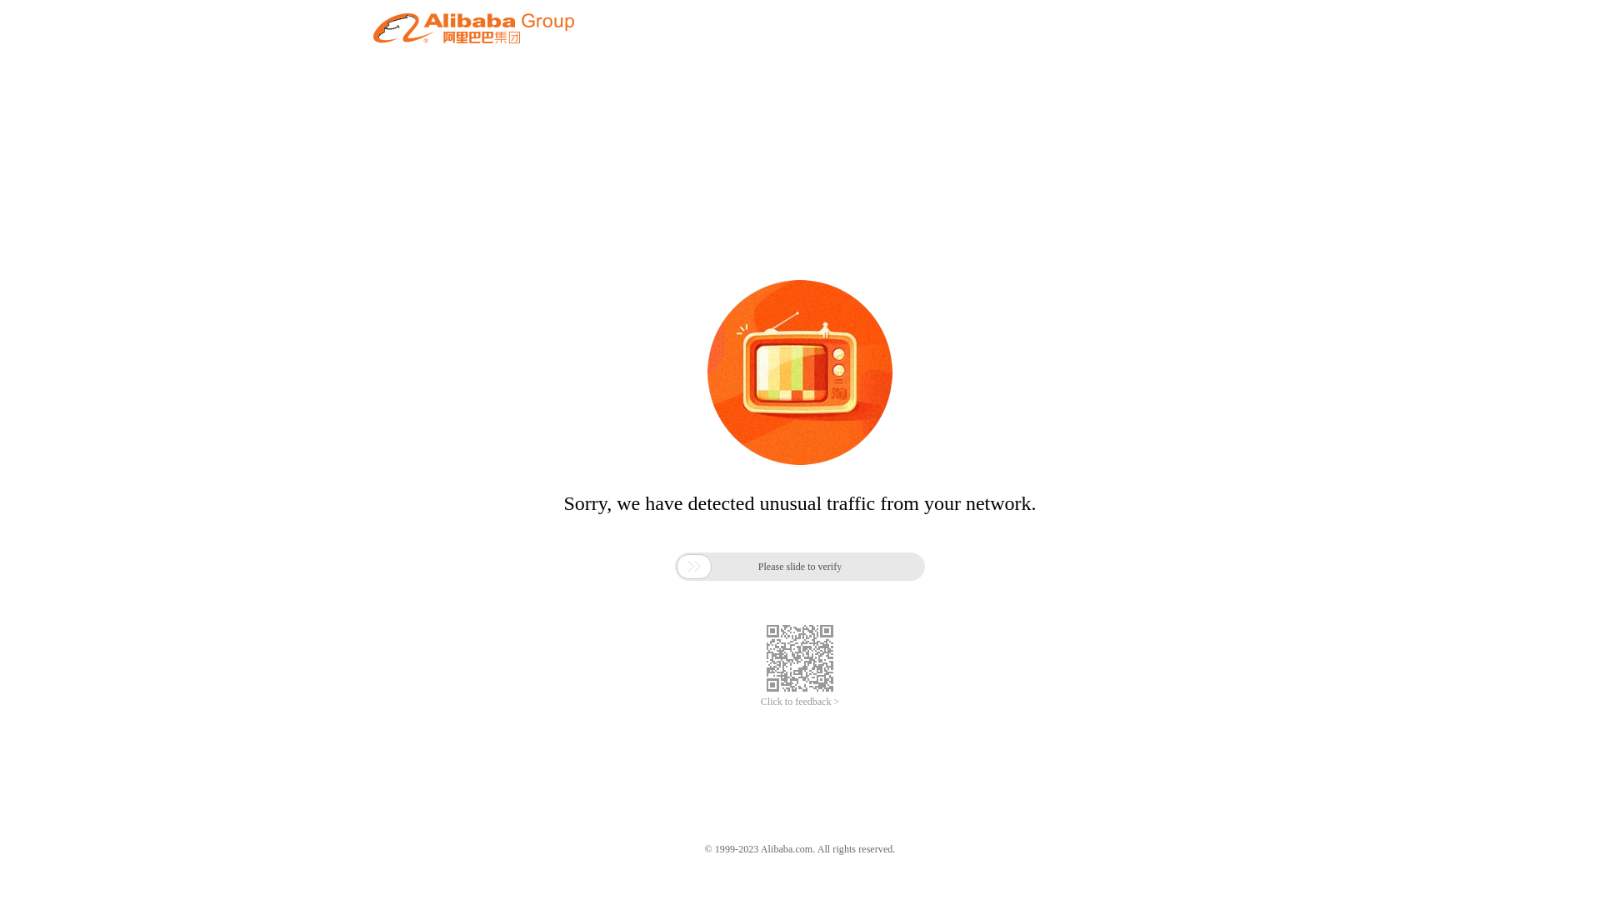 This screenshot has width=1600, height=900. I want to click on 'Click to feedback >', so click(800, 702).